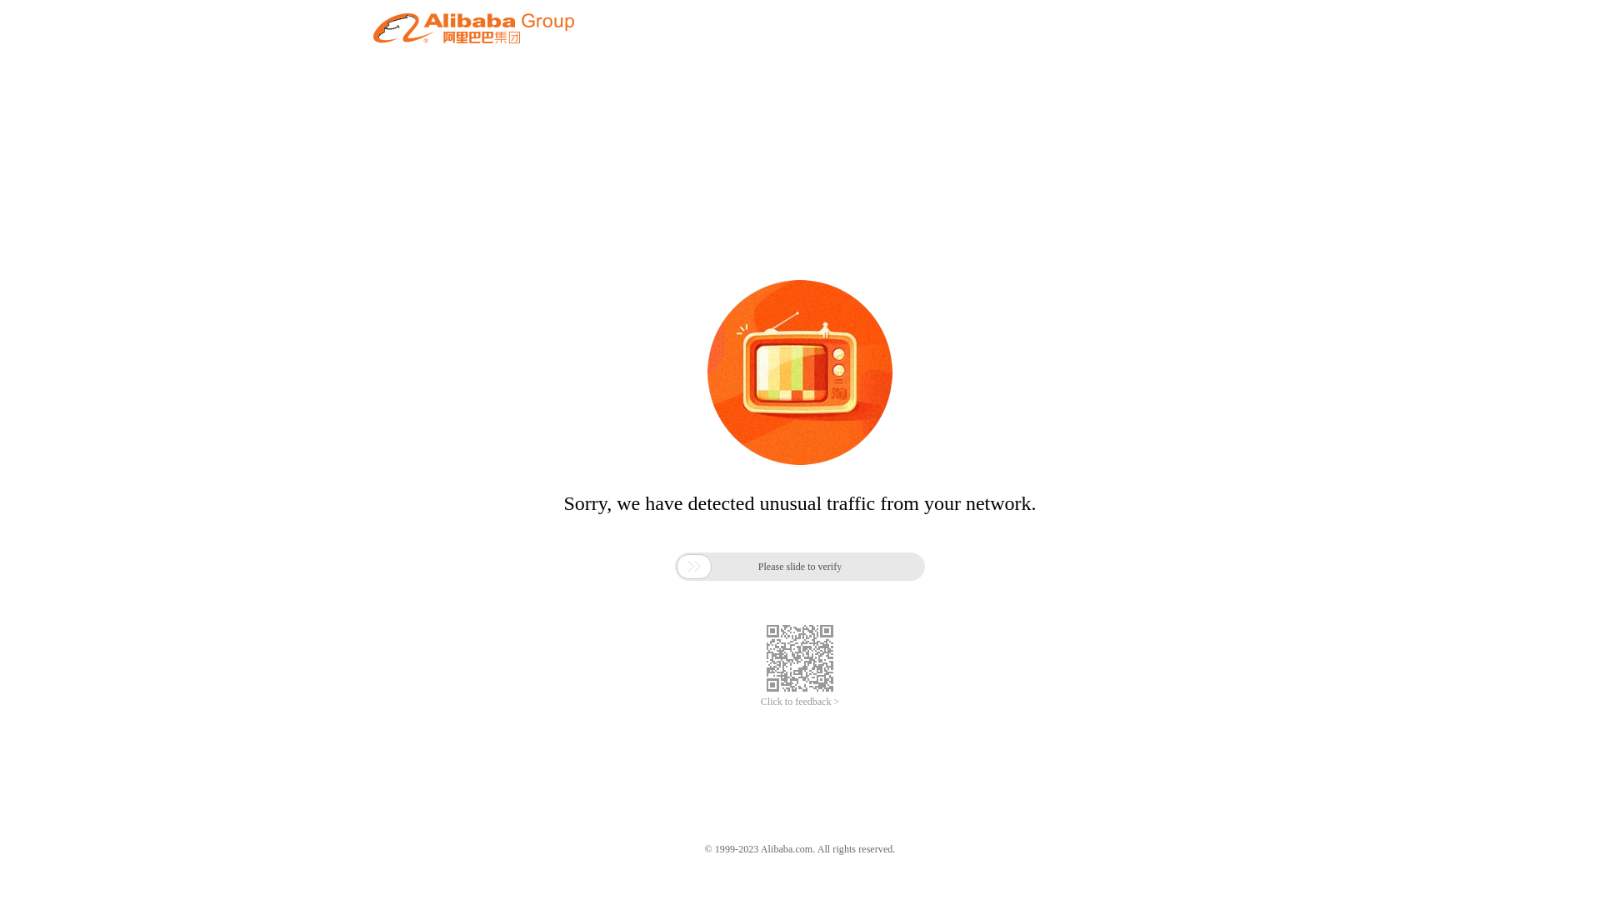 This screenshot has width=1600, height=900. I want to click on 'Click to feedback >', so click(800, 702).